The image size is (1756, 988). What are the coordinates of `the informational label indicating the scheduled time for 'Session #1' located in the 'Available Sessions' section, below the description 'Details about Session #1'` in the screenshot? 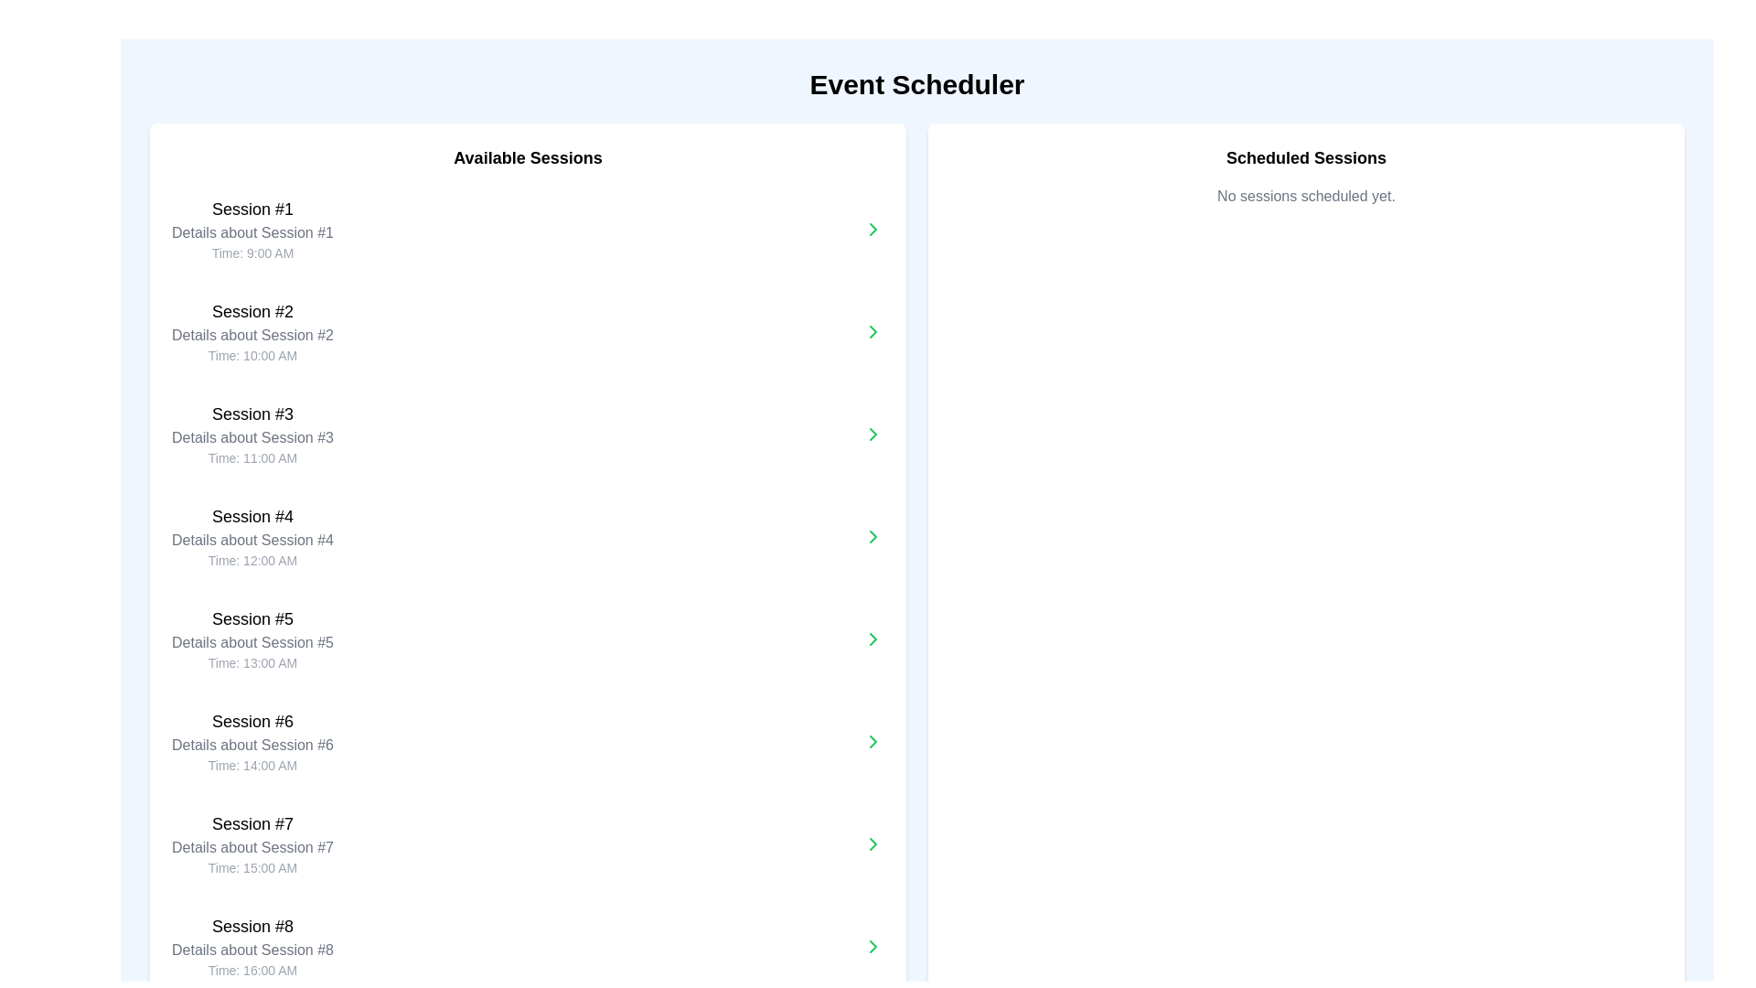 It's located at (252, 253).